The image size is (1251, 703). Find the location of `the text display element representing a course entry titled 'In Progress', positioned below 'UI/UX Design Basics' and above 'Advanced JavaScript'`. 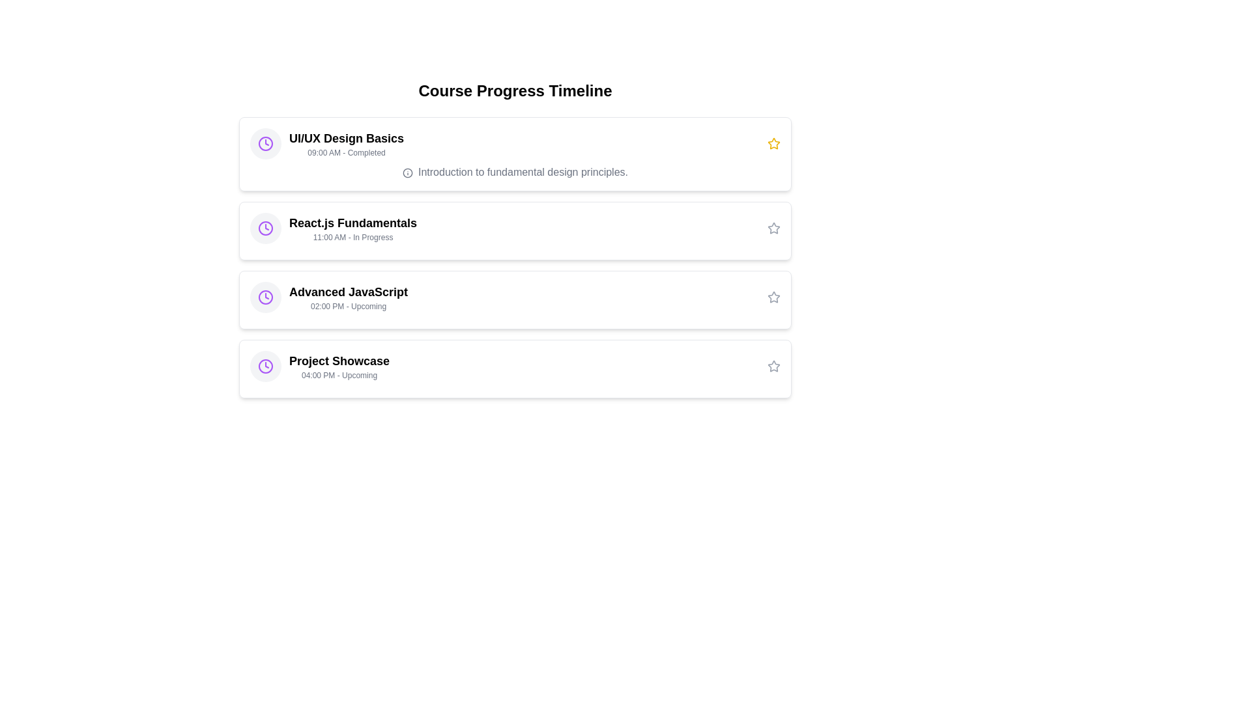

the text display element representing a course entry titled 'In Progress', positioned below 'UI/UX Design Basics' and above 'Advanced JavaScript' is located at coordinates (353, 228).